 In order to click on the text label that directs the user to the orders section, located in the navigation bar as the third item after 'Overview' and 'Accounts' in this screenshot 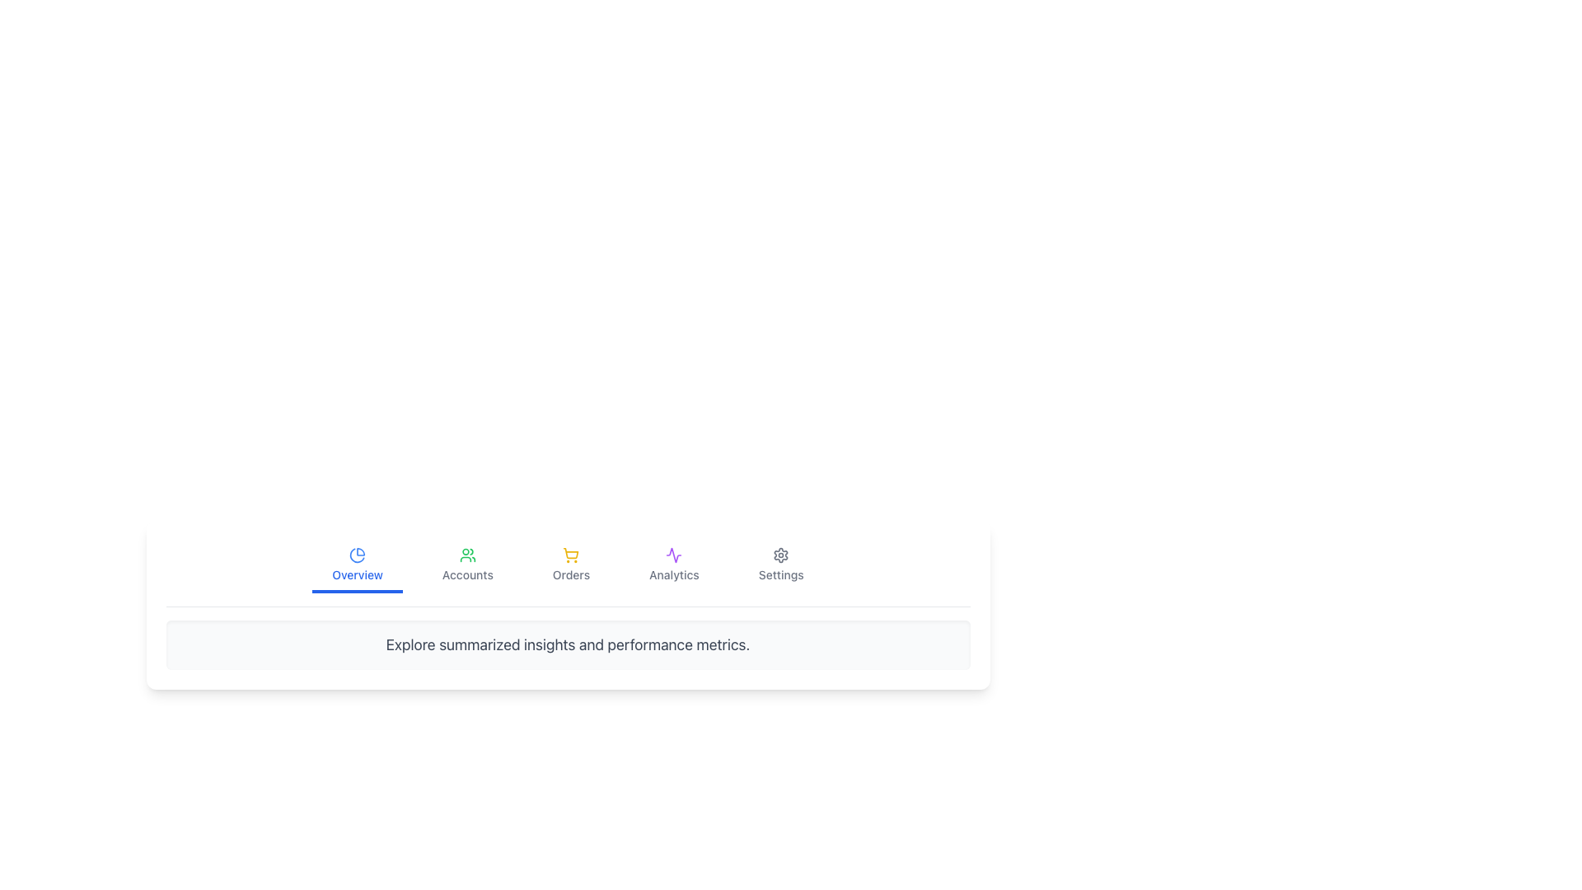, I will do `click(571, 574)`.